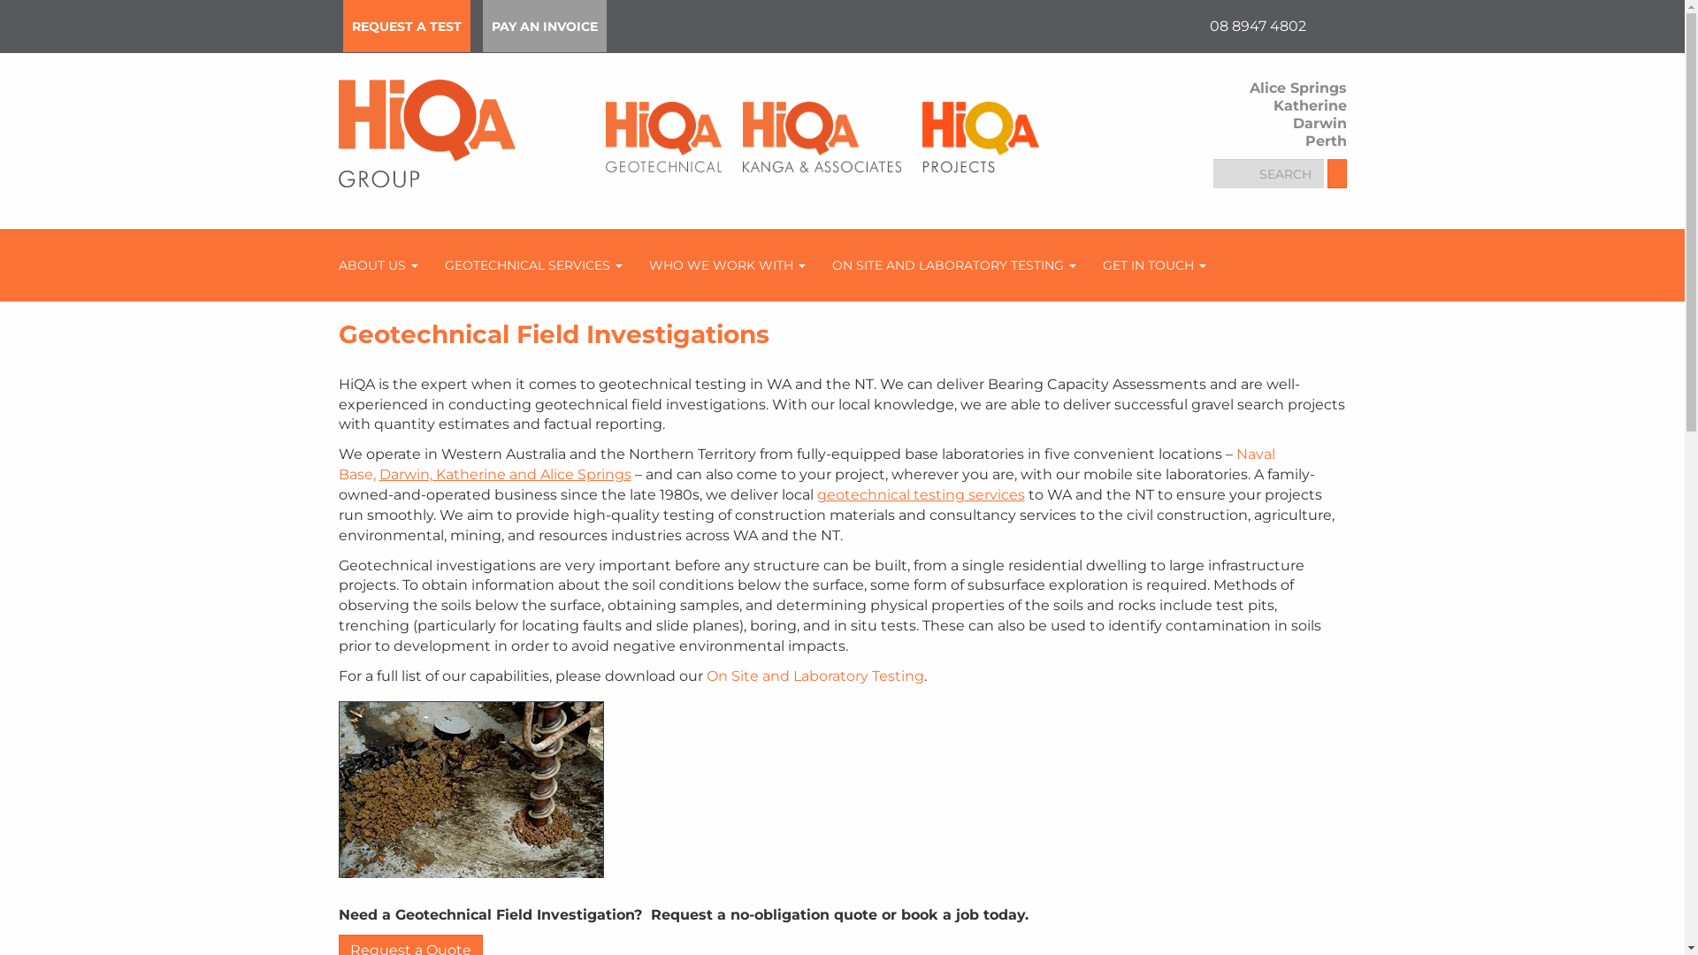 This screenshot has height=955, width=1698. Describe the element at coordinates (920, 494) in the screenshot. I see `'geotechnical testing services'` at that location.